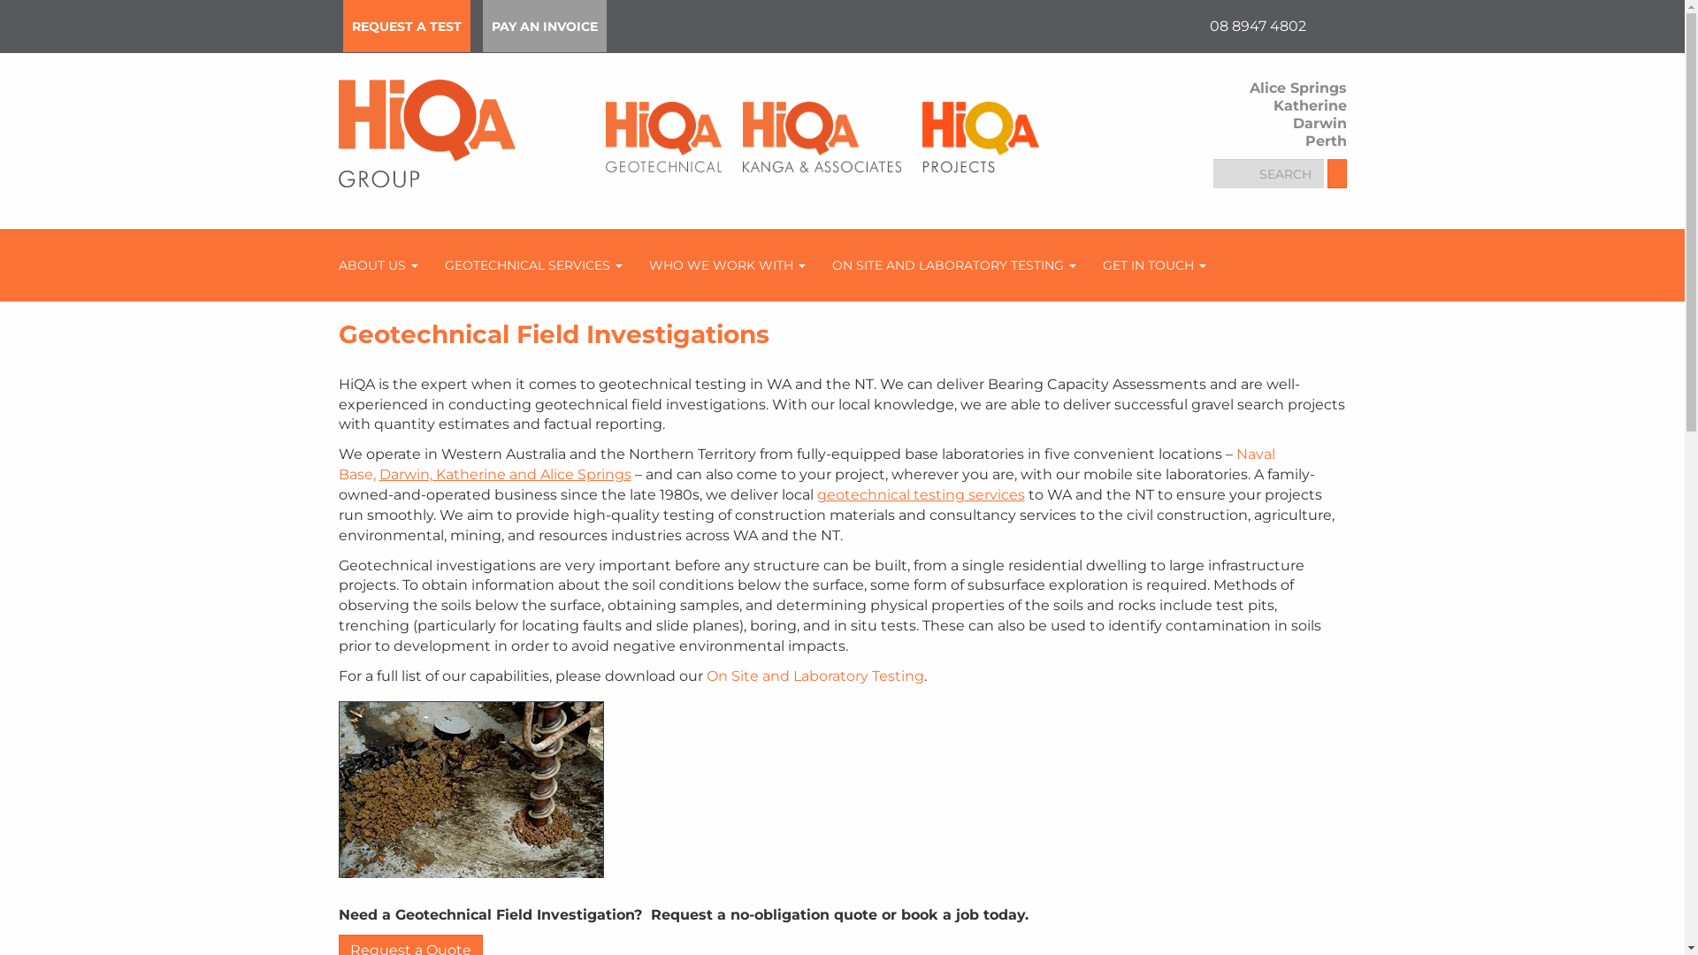 This screenshot has height=955, width=1698. Describe the element at coordinates (920, 494) in the screenshot. I see `'geotechnical testing services'` at that location.